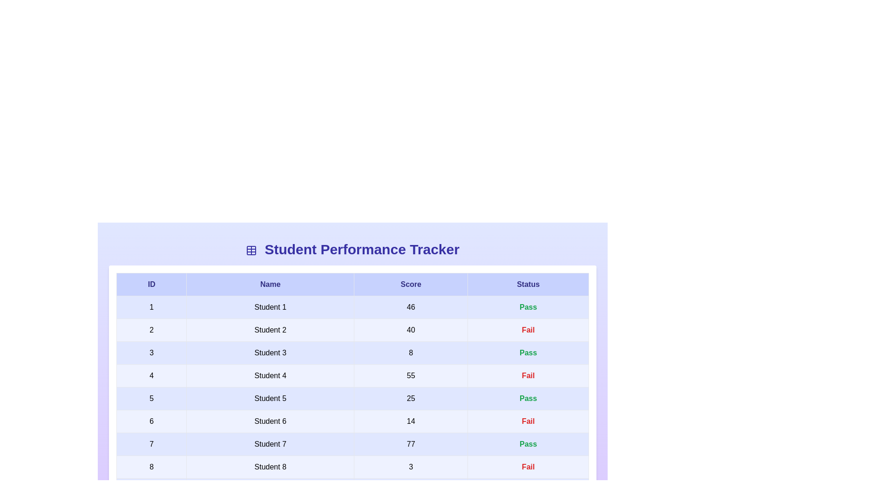  Describe the element at coordinates (528, 284) in the screenshot. I see `the header column Status to analyze its information` at that location.